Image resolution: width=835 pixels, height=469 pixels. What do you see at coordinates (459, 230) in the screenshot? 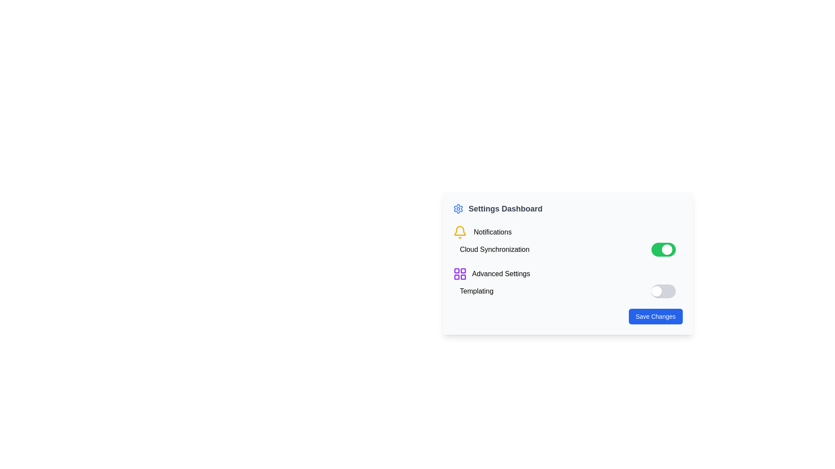
I see `notification bell icon element using developer tools, which is represented by the primary outline of the icon located at the top-left corner of the visible settings panel` at bounding box center [459, 230].